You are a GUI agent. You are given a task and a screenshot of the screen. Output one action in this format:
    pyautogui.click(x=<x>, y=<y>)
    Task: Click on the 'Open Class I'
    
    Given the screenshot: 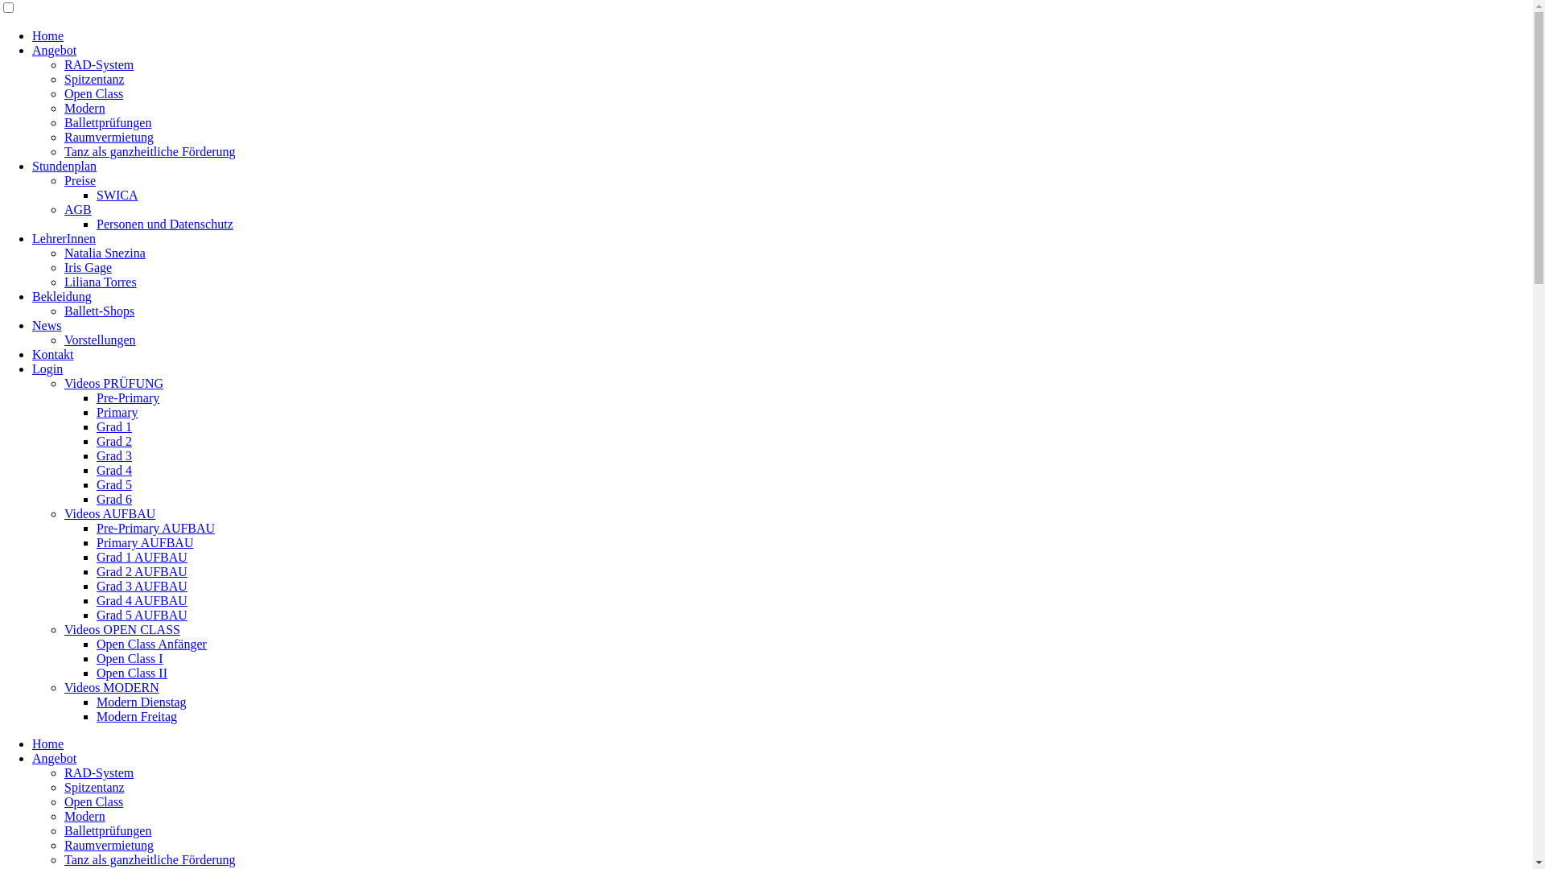 What is the action you would take?
    pyautogui.click(x=130, y=658)
    